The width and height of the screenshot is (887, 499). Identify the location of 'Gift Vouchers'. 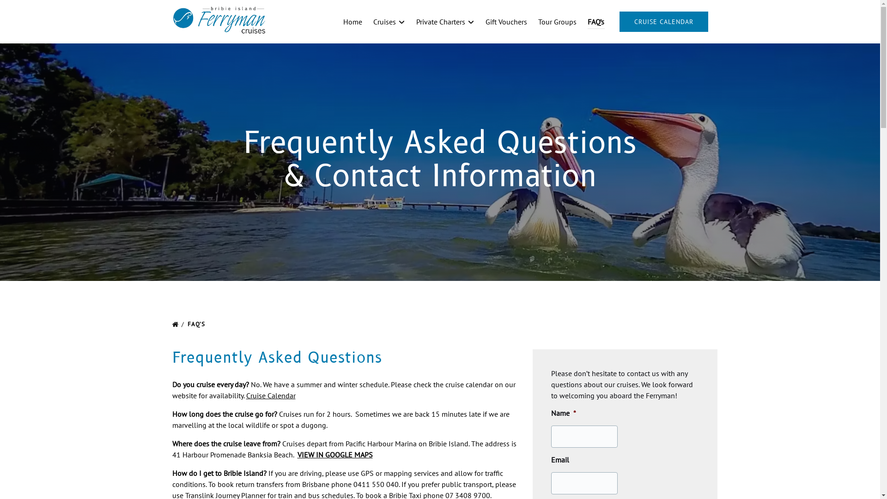
(505, 21).